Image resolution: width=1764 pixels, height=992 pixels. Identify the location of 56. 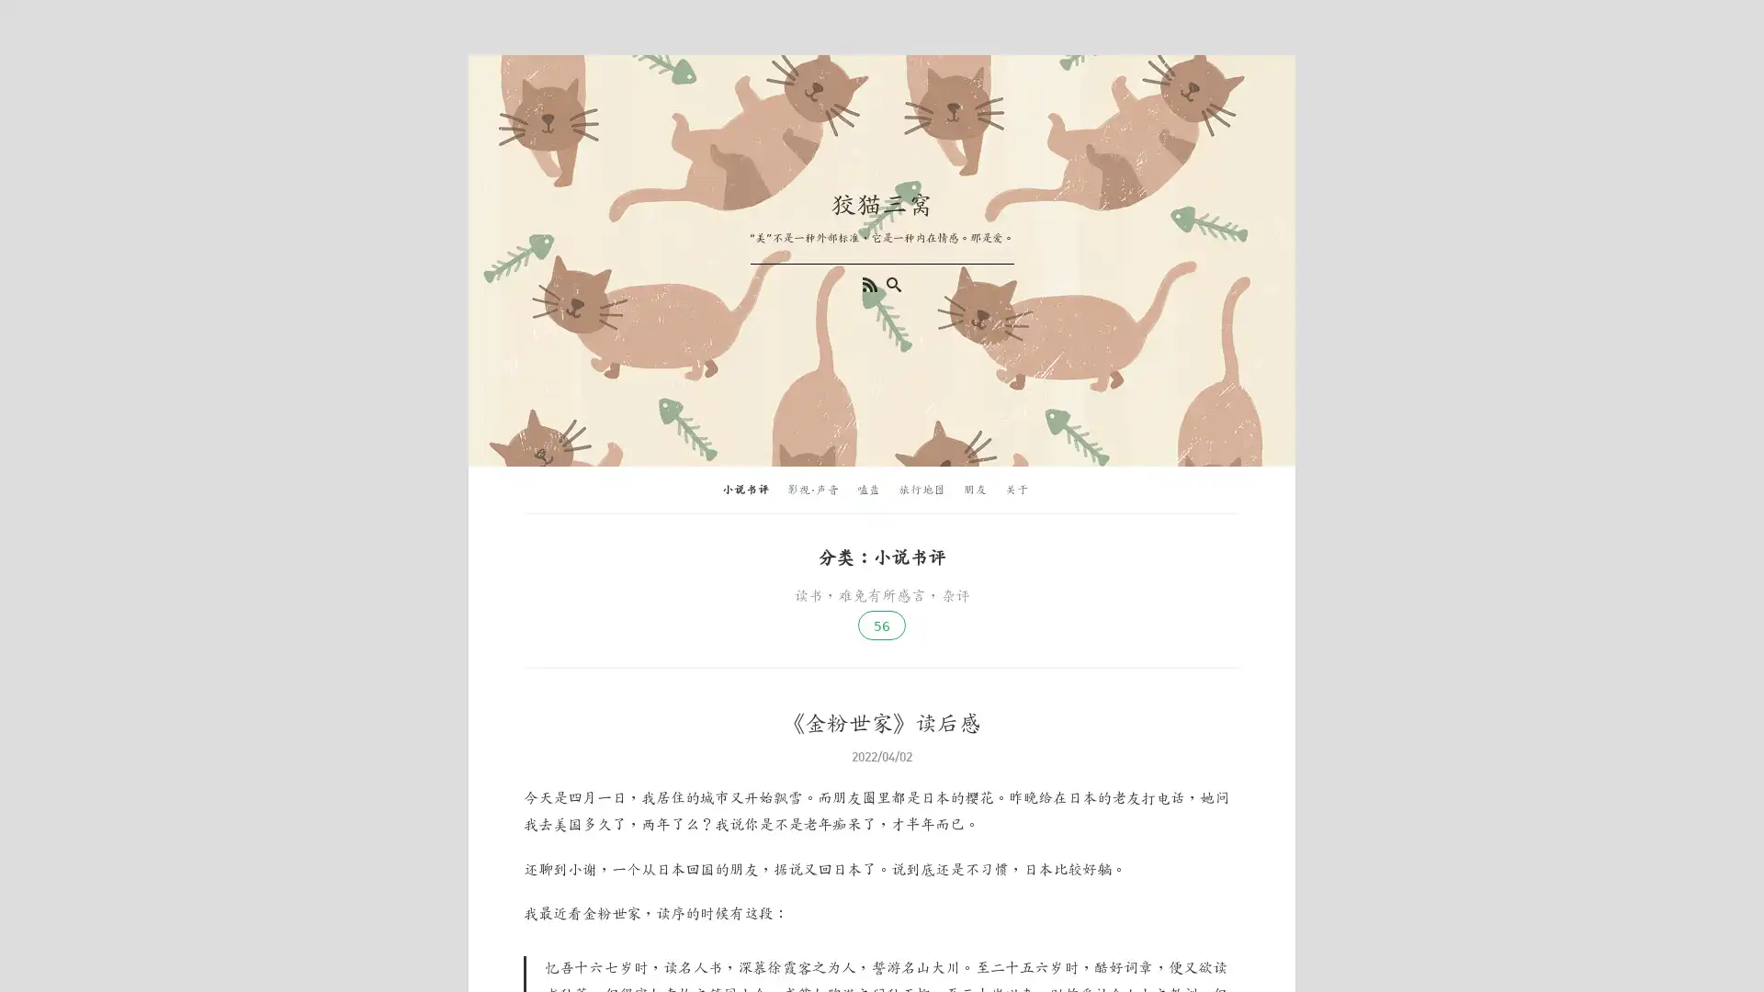
(882, 623).